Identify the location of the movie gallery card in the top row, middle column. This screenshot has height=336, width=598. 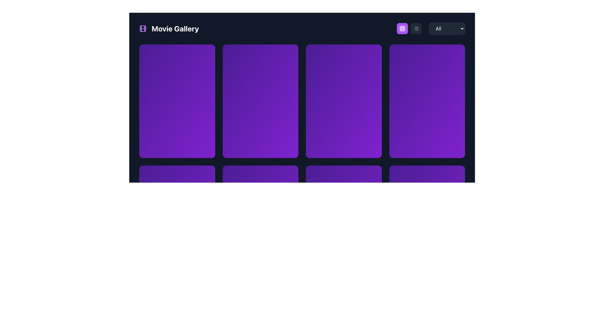
(260, 101).